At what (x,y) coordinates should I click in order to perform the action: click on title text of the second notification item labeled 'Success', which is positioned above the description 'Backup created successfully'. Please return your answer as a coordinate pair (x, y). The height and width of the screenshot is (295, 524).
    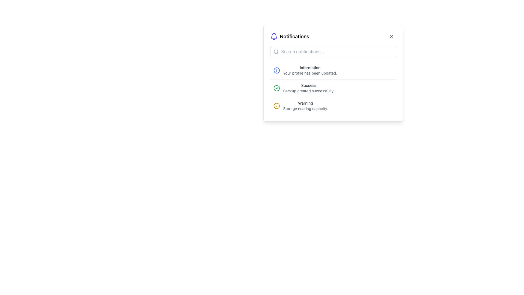
    Looking at the image, I should click on (309, 85).